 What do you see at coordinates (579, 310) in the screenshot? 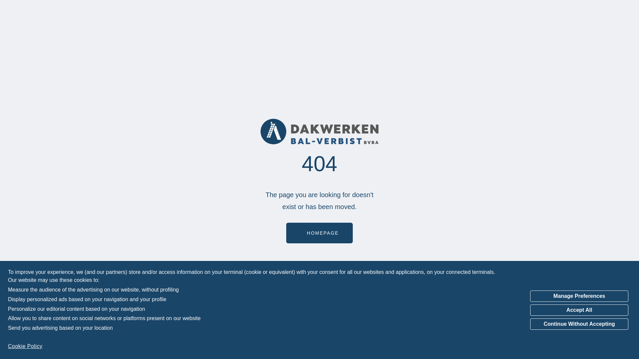
I see `'Accept All'` at bounding box center [579, 310].